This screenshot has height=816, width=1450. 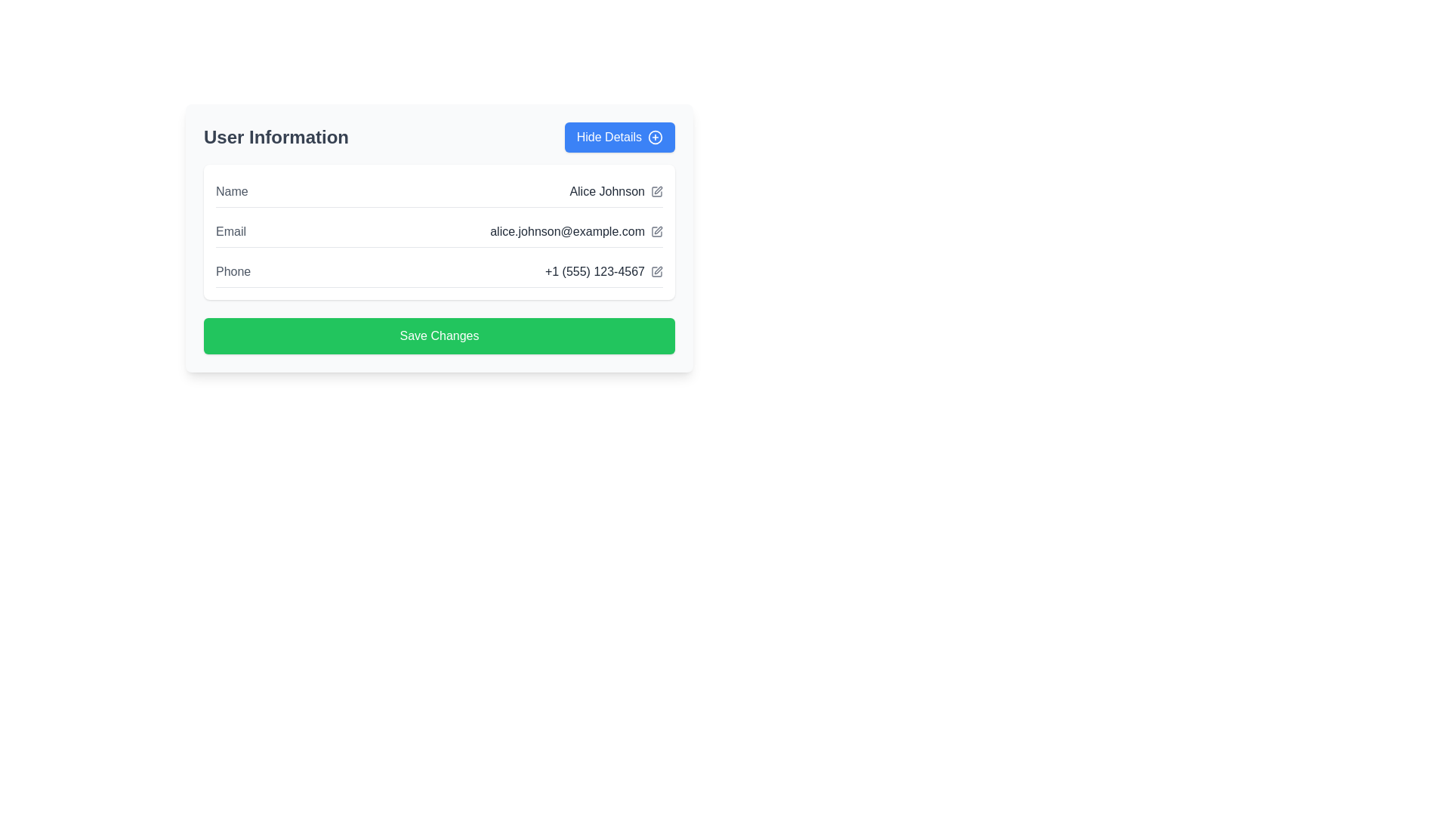 I want to click on the edit pencil icon located to the right of the email address field labeled 'alice.johnson@example.com' to initiate editing, so click(x=659, y=230).